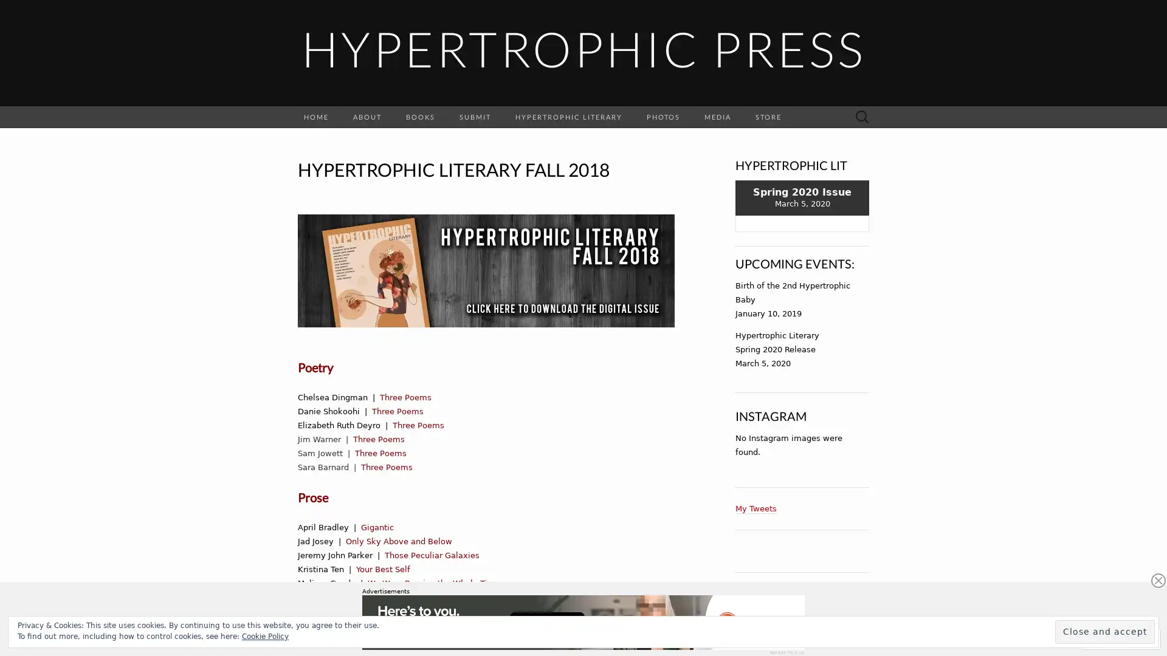 The width and height of the screenshot is (1167, 656). What do you see at coordinates (1105, 631) in the screenshot?
I see `Close and accept` at bounding box center [1105, 631].